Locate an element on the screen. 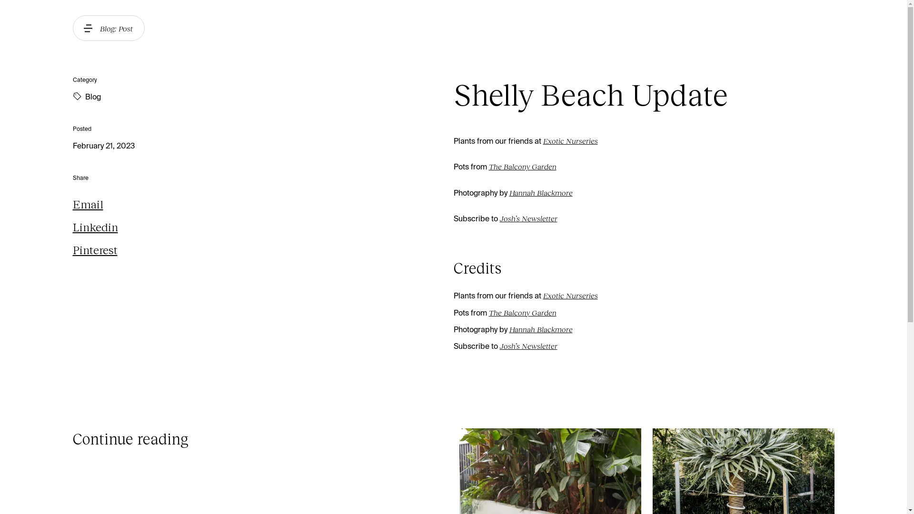 Image resolution: width=914 pixels, height=514 pixels. 'Hannah Blackmore' is located at coordinates (541, 193).